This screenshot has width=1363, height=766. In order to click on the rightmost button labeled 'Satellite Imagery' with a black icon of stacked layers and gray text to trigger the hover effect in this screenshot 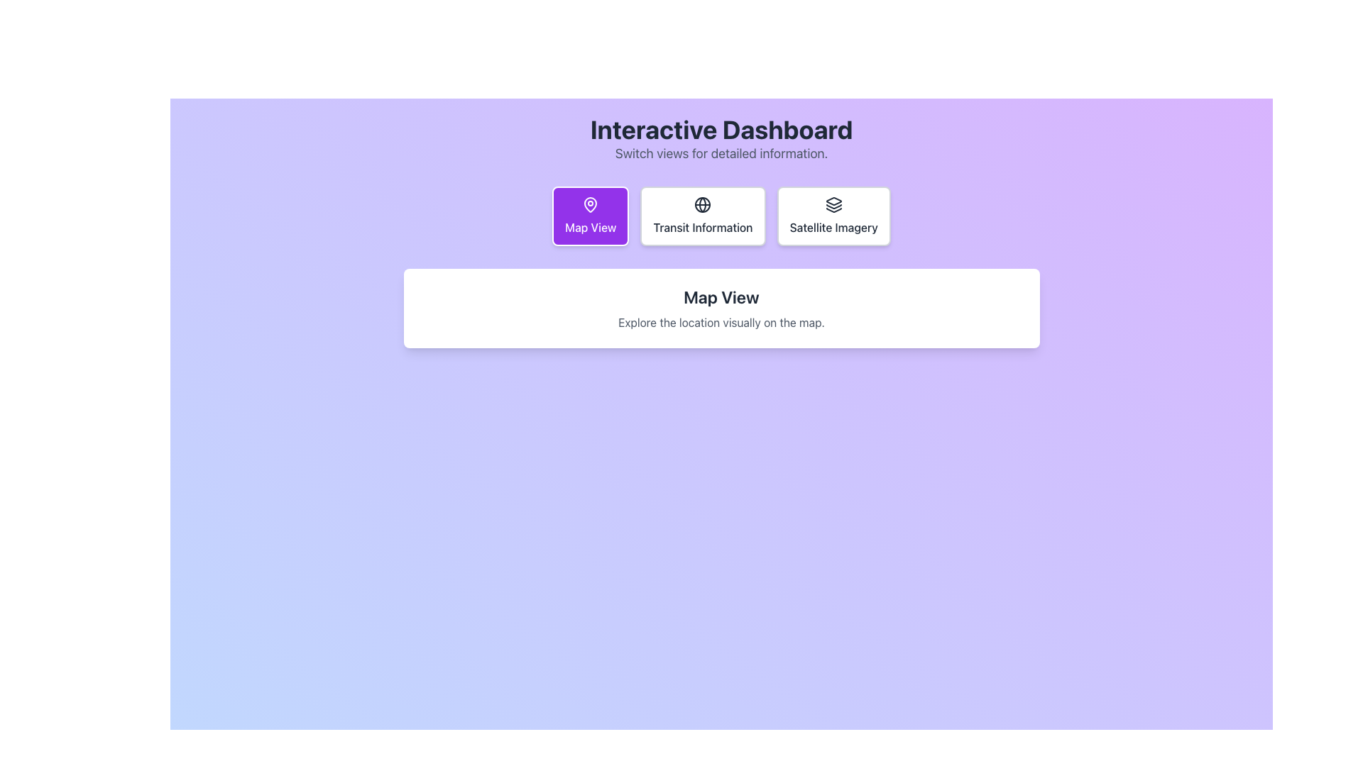, I will do `click(833, 216)`.